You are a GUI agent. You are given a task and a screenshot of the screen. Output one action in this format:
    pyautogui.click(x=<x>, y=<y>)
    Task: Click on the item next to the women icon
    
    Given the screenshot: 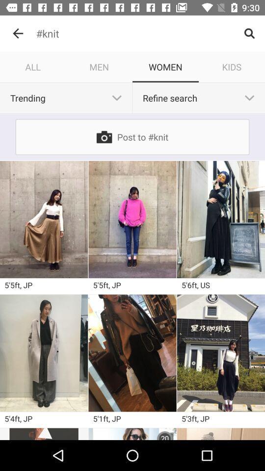 What is the action you would take?
    pyautogui.click(x=99, y=66)
    